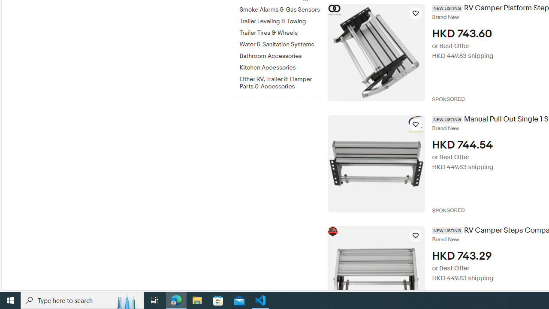 The width and height of the screenshot is (549, 309). I want to click on 'Kitchen Accessories', so click(280, 67).